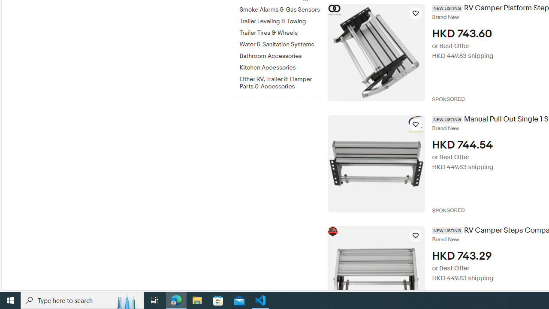 The width and height of the screenshot is (549, 309). I want to click on 'Kitchen Accessories', so click(280, 67).